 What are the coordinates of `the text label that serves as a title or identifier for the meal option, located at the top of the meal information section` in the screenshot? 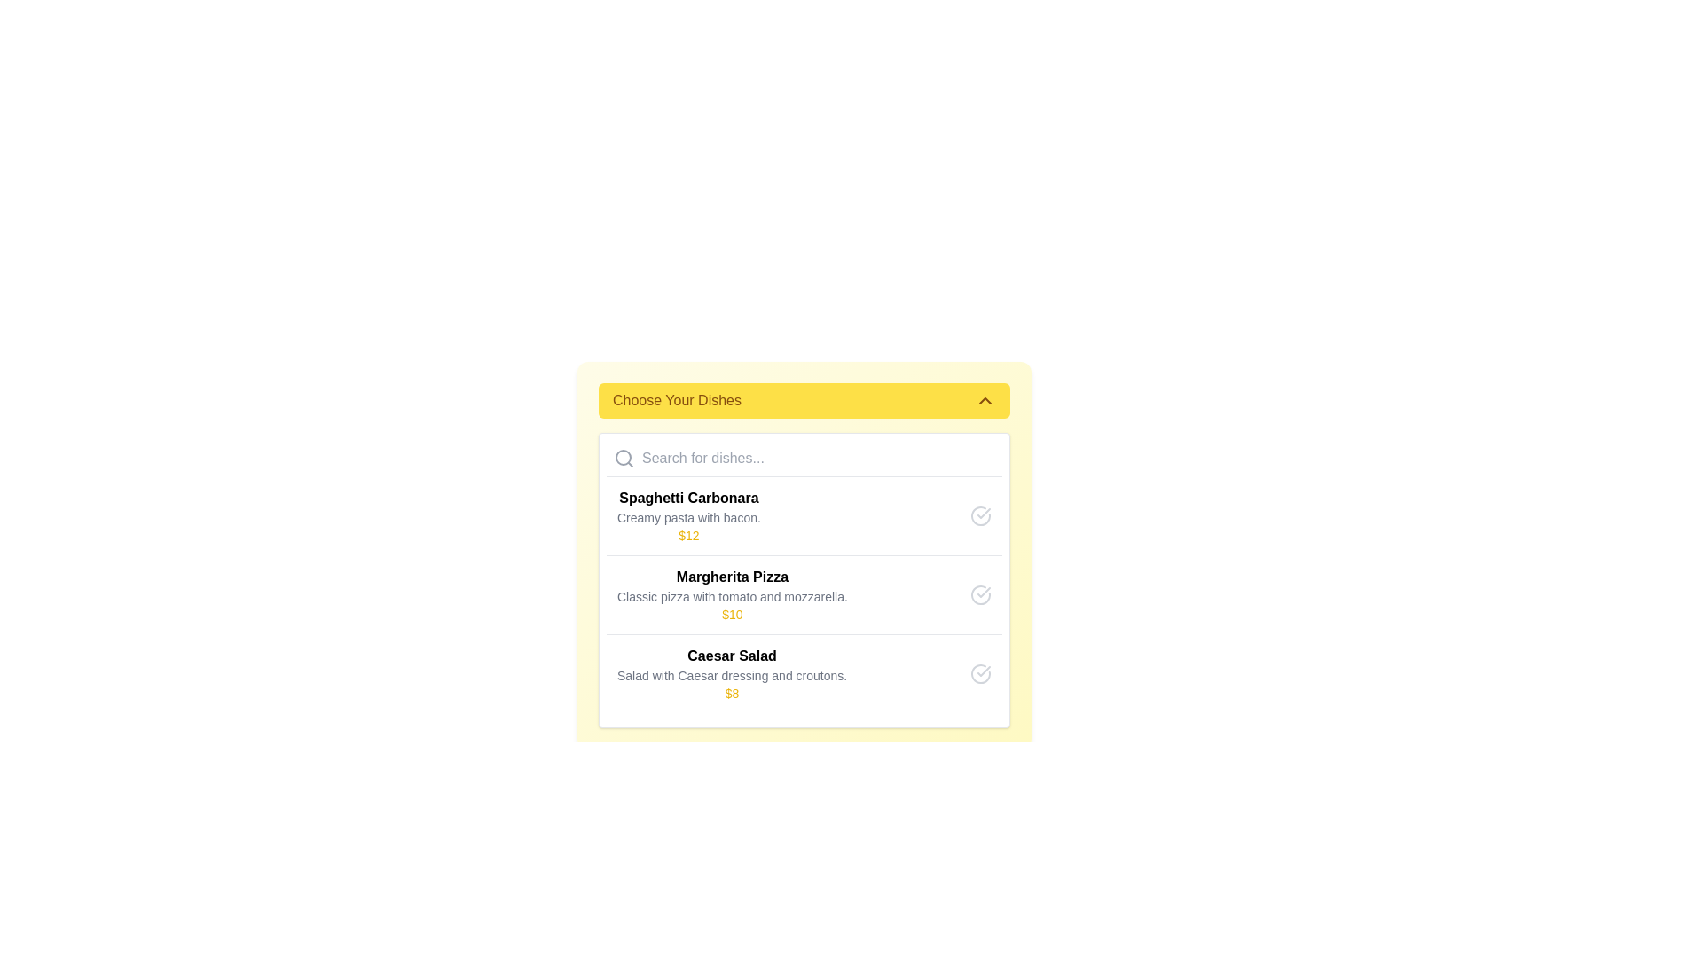 It's located at (732, 656).